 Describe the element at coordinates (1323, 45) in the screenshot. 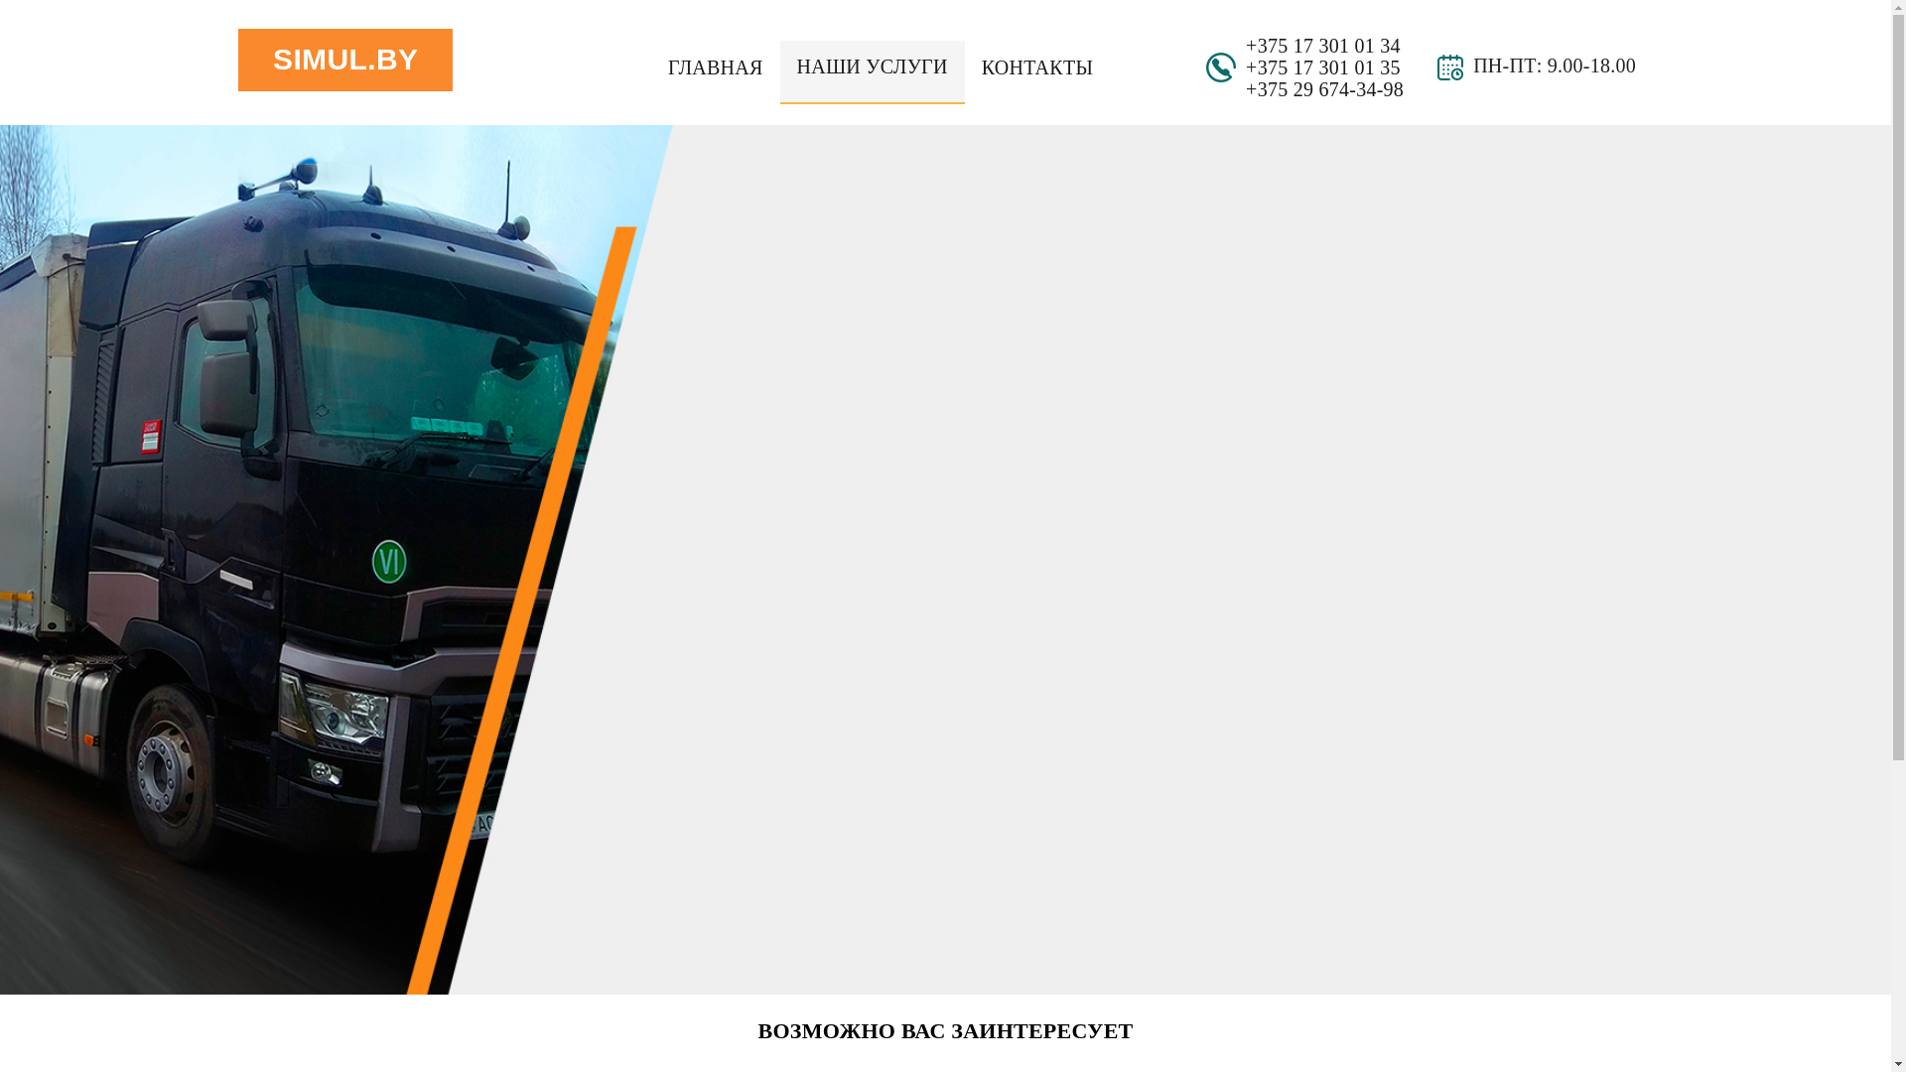

I see `'+375 17 301 01 34'` at that location.